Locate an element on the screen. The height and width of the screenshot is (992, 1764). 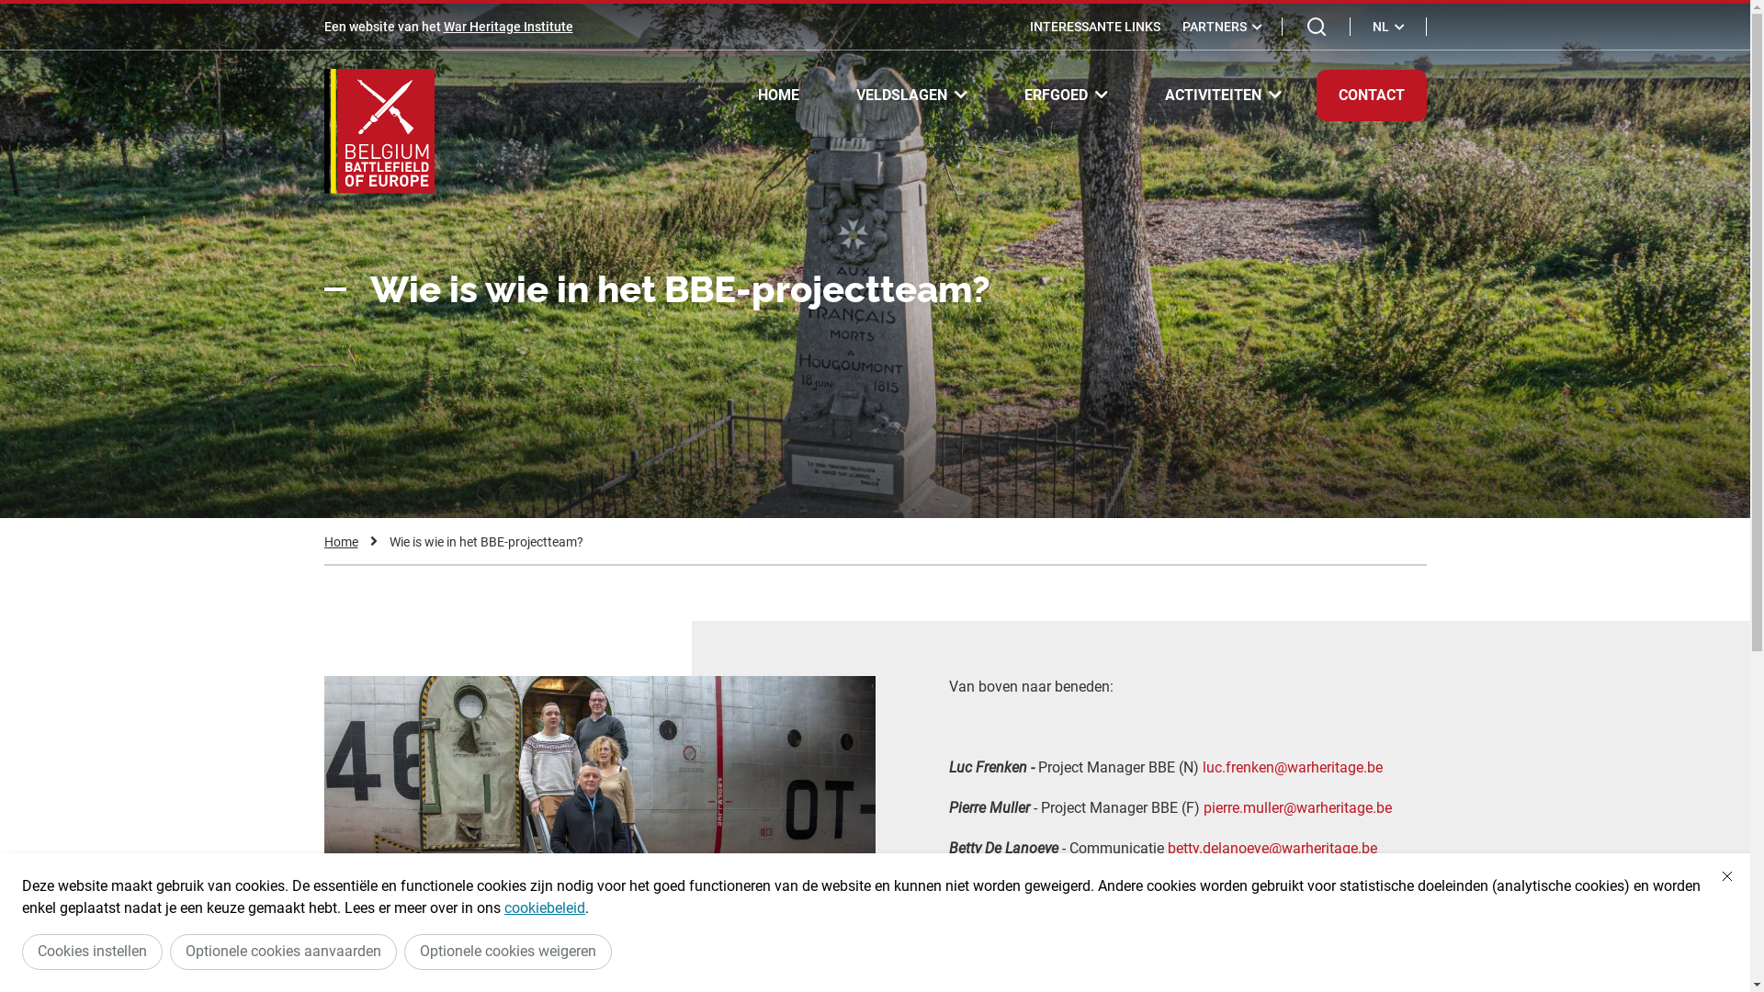
'pierre.muller@warheritage.be' is located at coordinates (1296, 806).